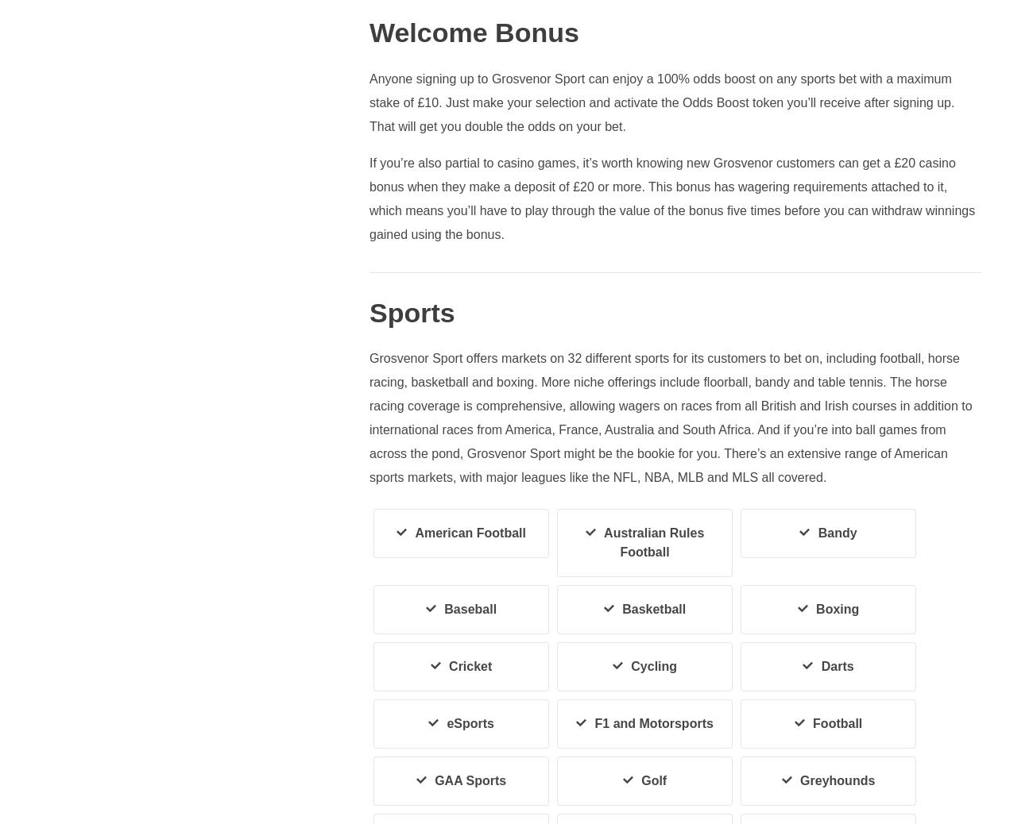 The width and height of the screenshot is (1033, 824). What do you see at coordinates (473, 32) in the screenshot?
I see `'Welcome Bonus'` at bounding box center [473, 32].